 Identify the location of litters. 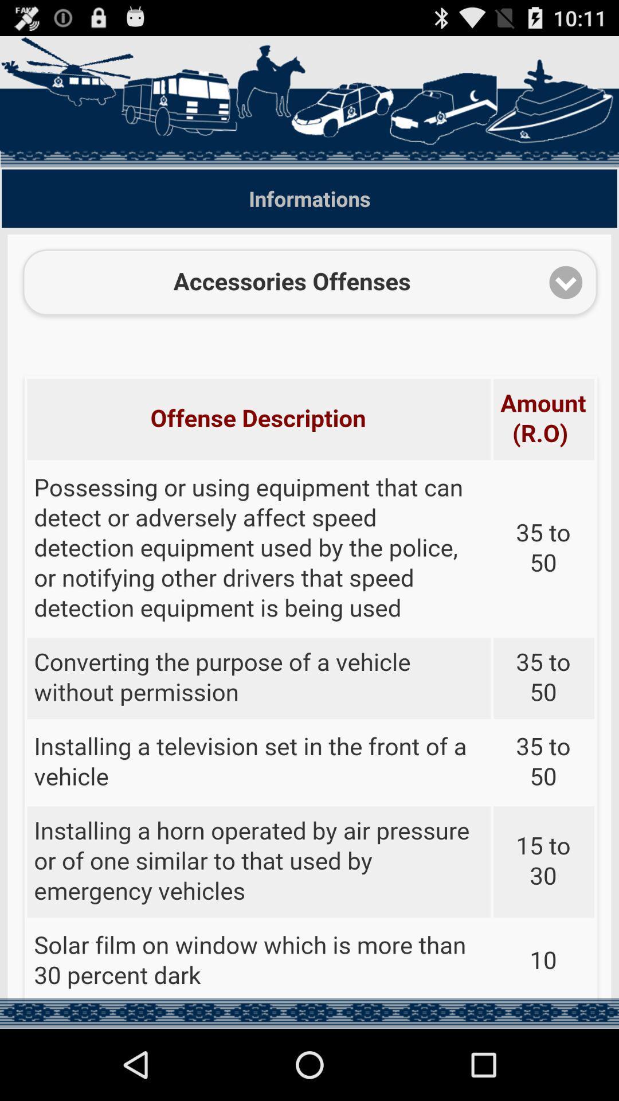
(309, 618).